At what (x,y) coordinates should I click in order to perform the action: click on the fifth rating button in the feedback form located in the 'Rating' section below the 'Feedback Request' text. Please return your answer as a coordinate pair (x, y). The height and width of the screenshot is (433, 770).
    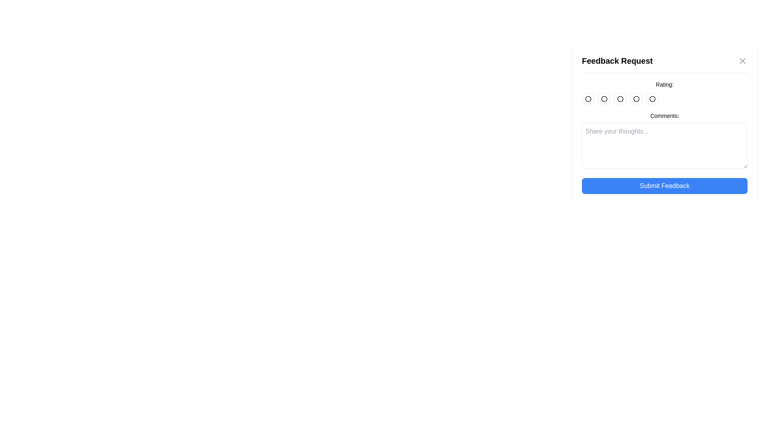
    Looking at the image, I should click on (652, 98).